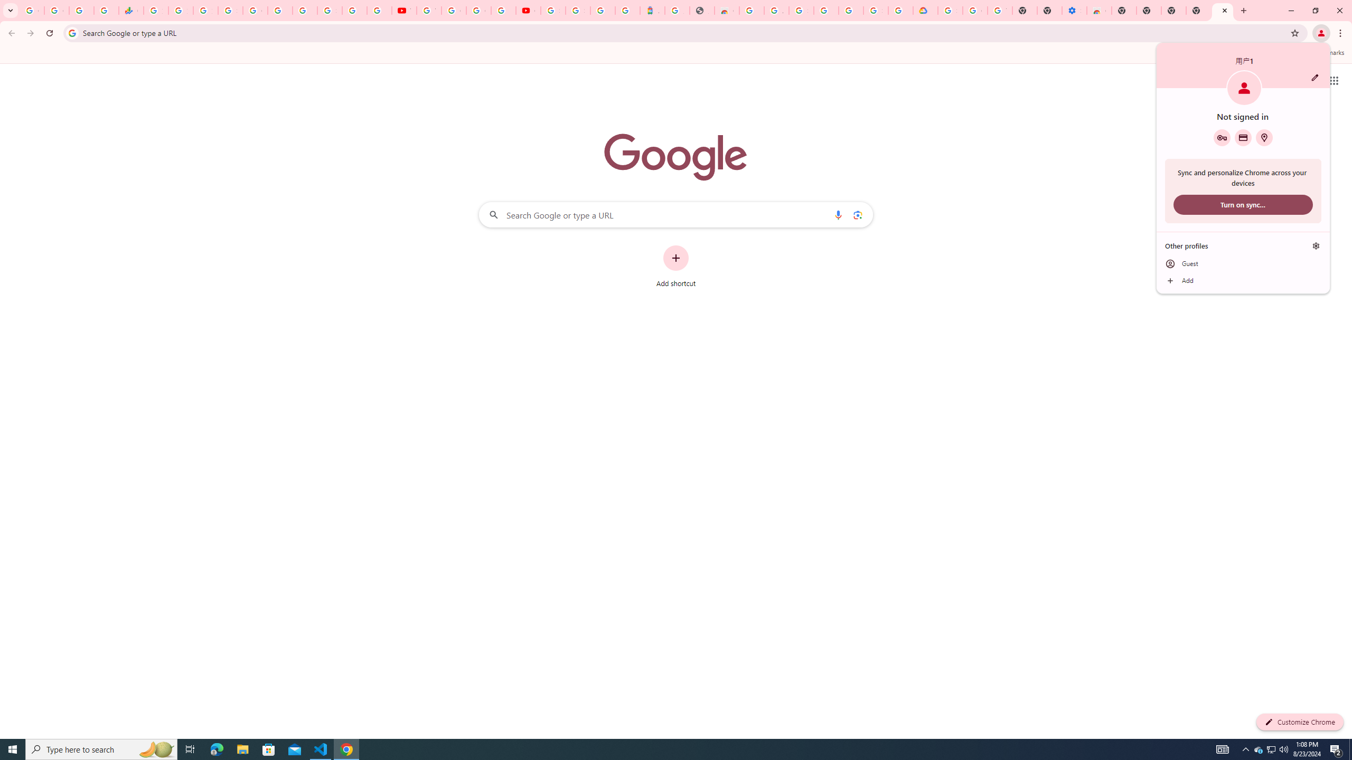 The image size is (1352, 760). Describe the element at coordinates (999, 10) in the screenshot. I see `'Turn cookies on or off - Computer - Google Account Help'` at that location.